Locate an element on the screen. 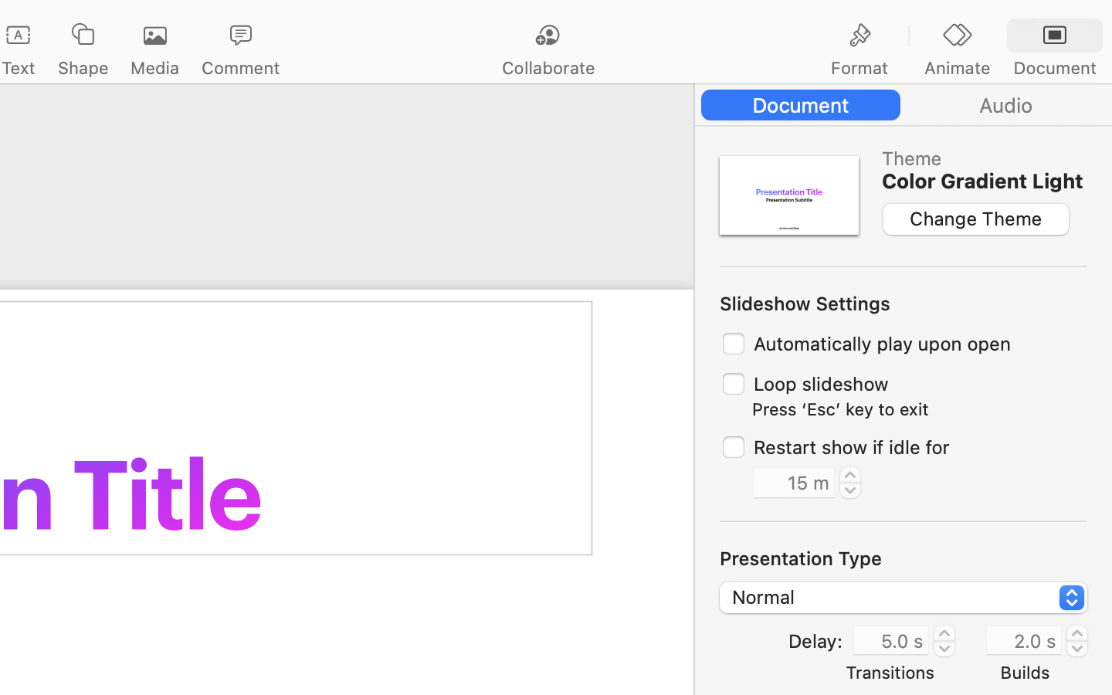 This screenshot has width=1112, height=695. 'Format' is located at coordinates (858, 67).